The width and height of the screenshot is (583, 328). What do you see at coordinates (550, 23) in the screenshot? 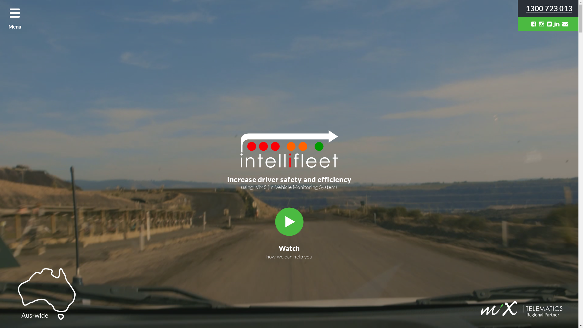
I see `' '` at bounding box center [550, 23].